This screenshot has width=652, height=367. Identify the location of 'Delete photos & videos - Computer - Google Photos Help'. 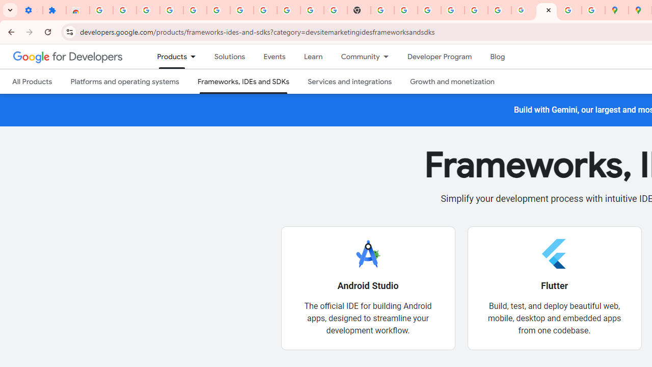
(171, 10).